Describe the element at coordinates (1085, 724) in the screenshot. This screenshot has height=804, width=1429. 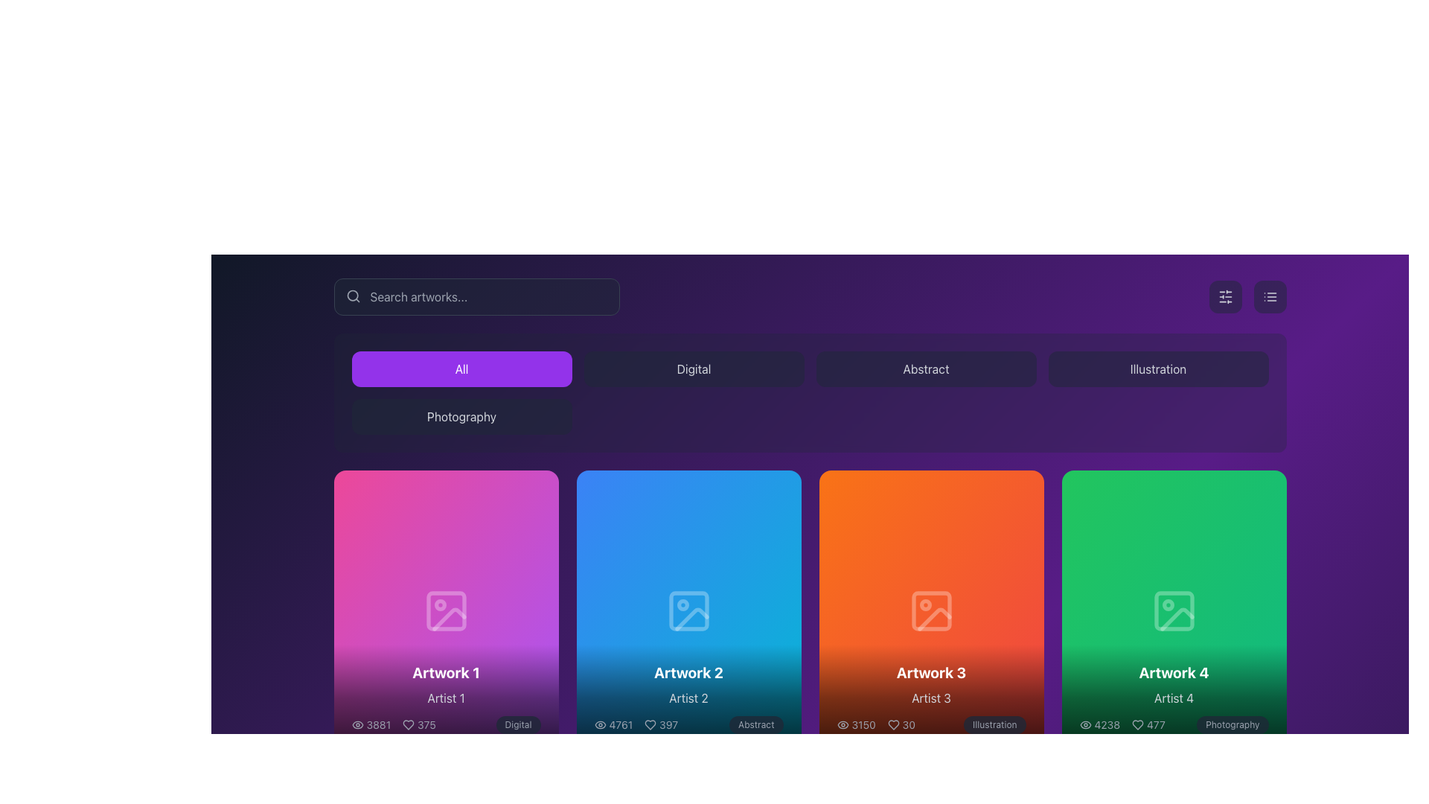
I see `the small, eye-shaped icon located at the bottom of the 'Artwork 4' card` at that location.